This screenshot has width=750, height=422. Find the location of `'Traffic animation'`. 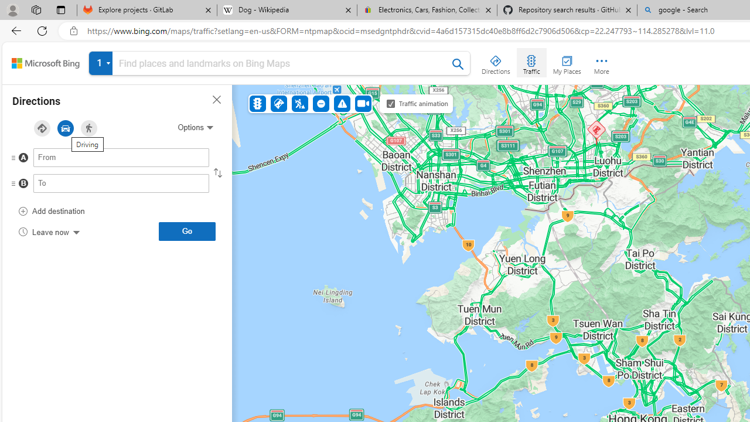

'Traffic animation' is located at coordinates (391, 103).